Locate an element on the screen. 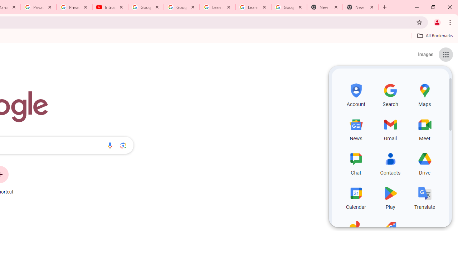 The height and width of the screenshot is (257, 458). 'Play, row 4 of 5 and column 2 of 3 in the first section' is located at coordinates (390, 197).